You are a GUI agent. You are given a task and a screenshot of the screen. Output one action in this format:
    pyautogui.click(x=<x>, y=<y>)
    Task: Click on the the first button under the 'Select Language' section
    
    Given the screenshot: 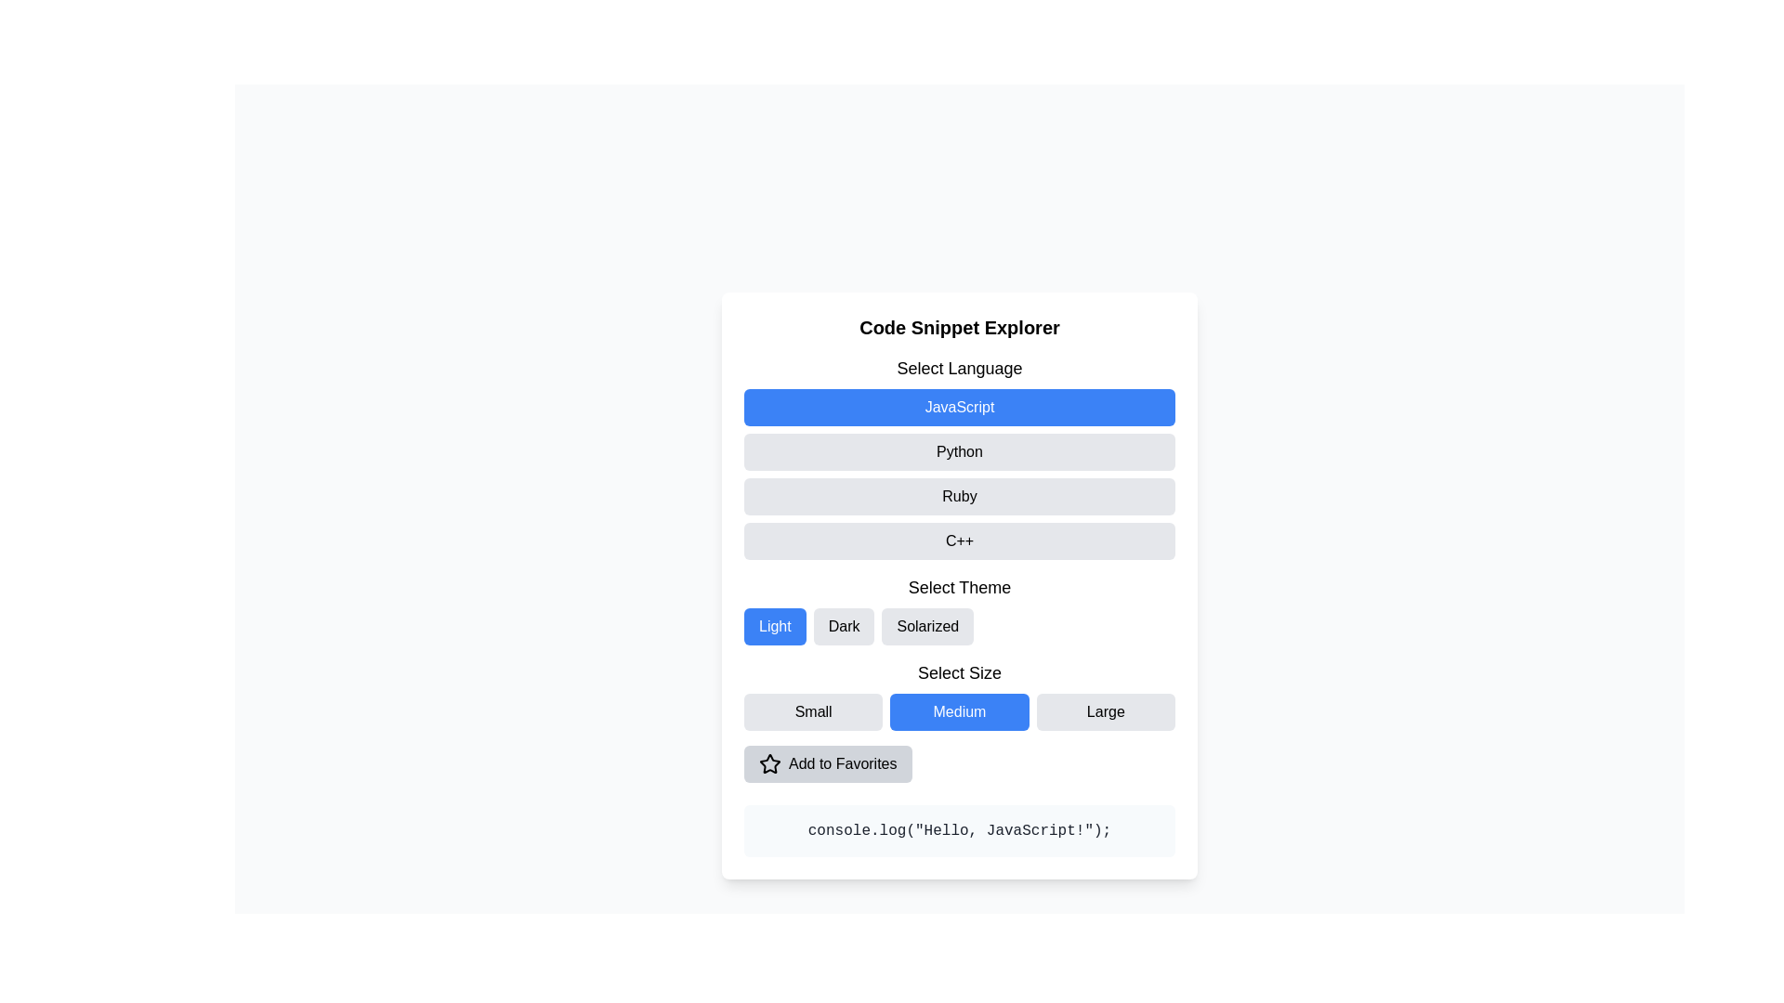 What is the action you would take?
    pyautogui.click(x=959, y=407)
    